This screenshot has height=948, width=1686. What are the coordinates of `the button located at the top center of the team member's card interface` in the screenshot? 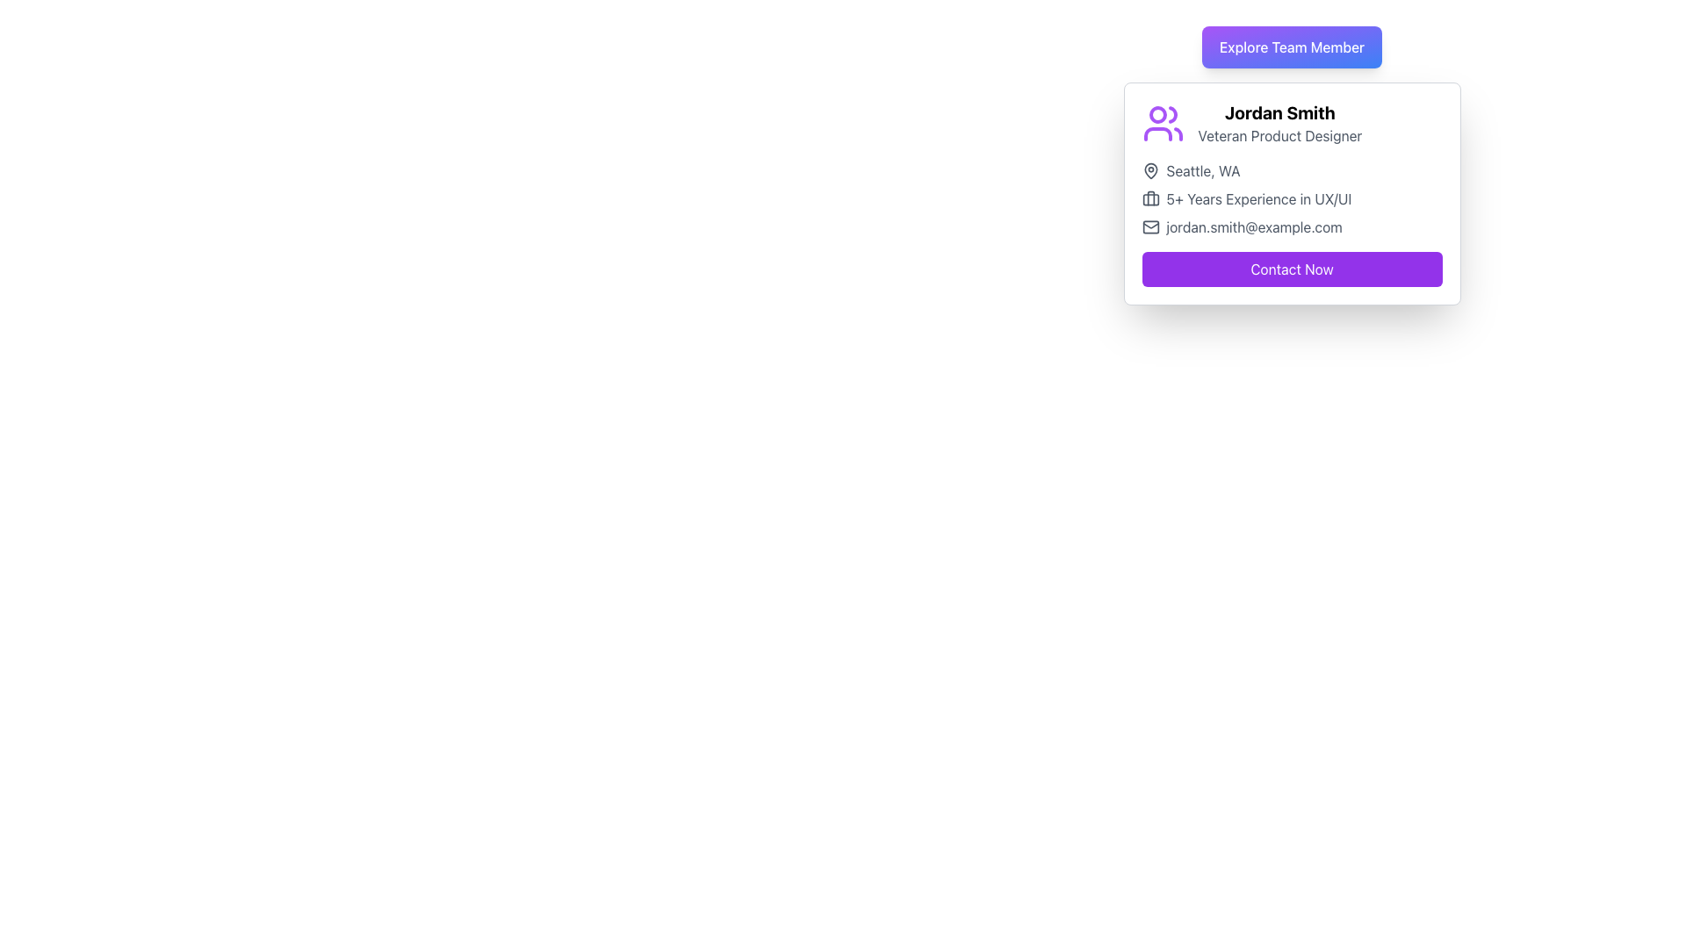 It's located at (1292, 47).